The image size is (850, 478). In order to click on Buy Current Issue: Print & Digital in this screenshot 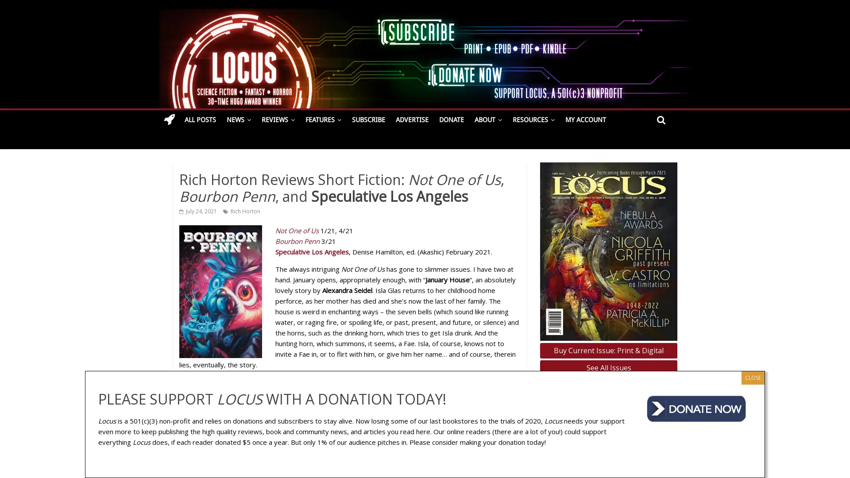, I will do `click(608, 350)`.